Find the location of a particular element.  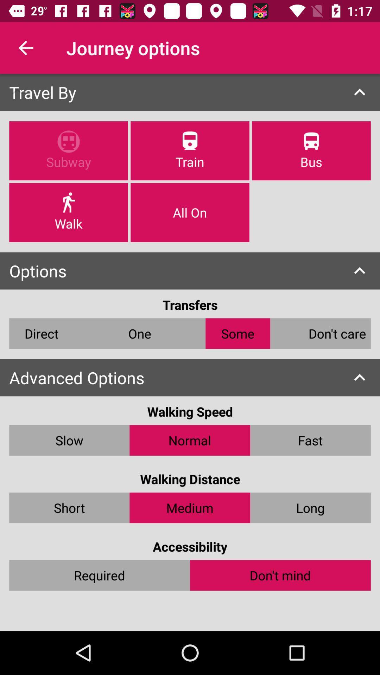

item to the right of slow is located at coordinates (189, 440).